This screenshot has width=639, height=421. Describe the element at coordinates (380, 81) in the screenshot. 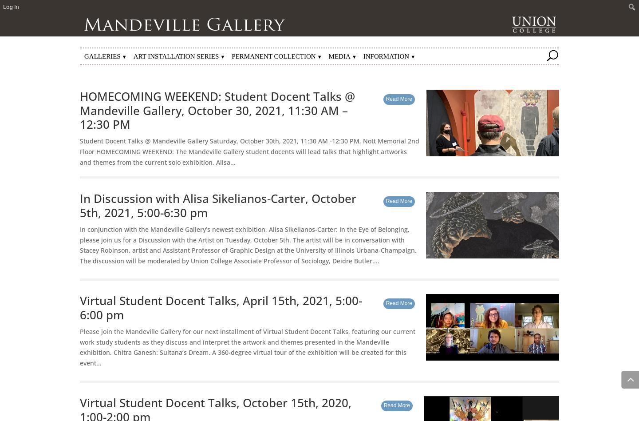

I see `'Other Highlights'` at that location.